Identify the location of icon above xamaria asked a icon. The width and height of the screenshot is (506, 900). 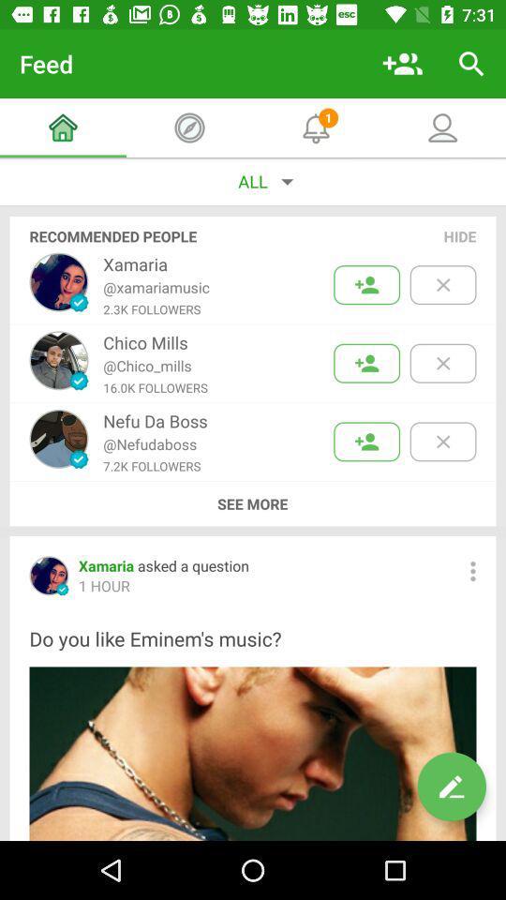
(252, 502).